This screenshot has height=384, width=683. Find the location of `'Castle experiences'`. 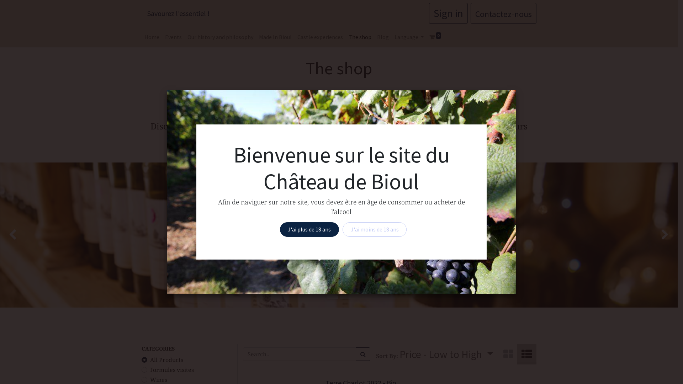

'Castle experiences' is located at coordinates (295, 37).